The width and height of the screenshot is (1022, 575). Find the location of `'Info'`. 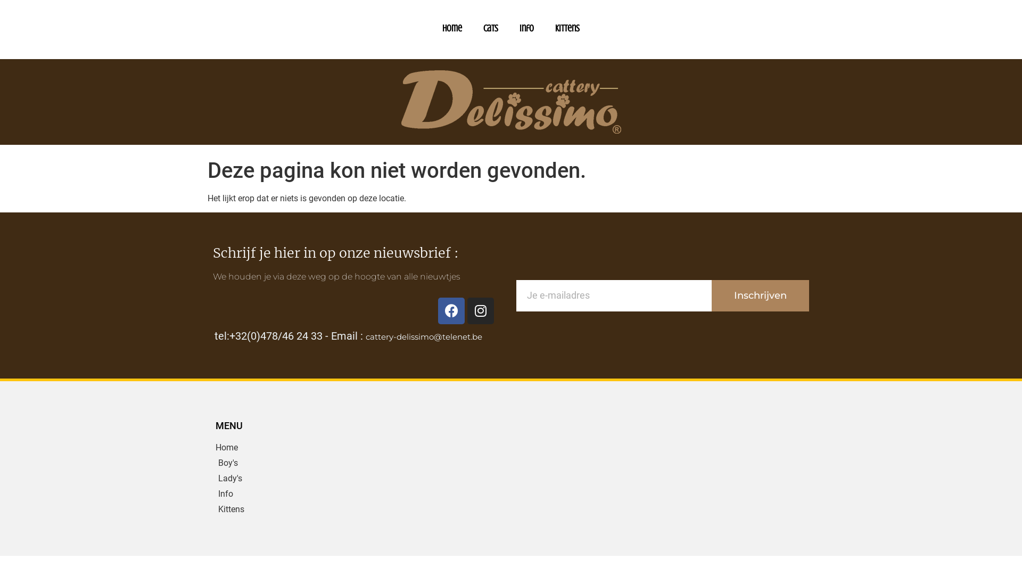

'Info' is located at coordinates (287, 494).